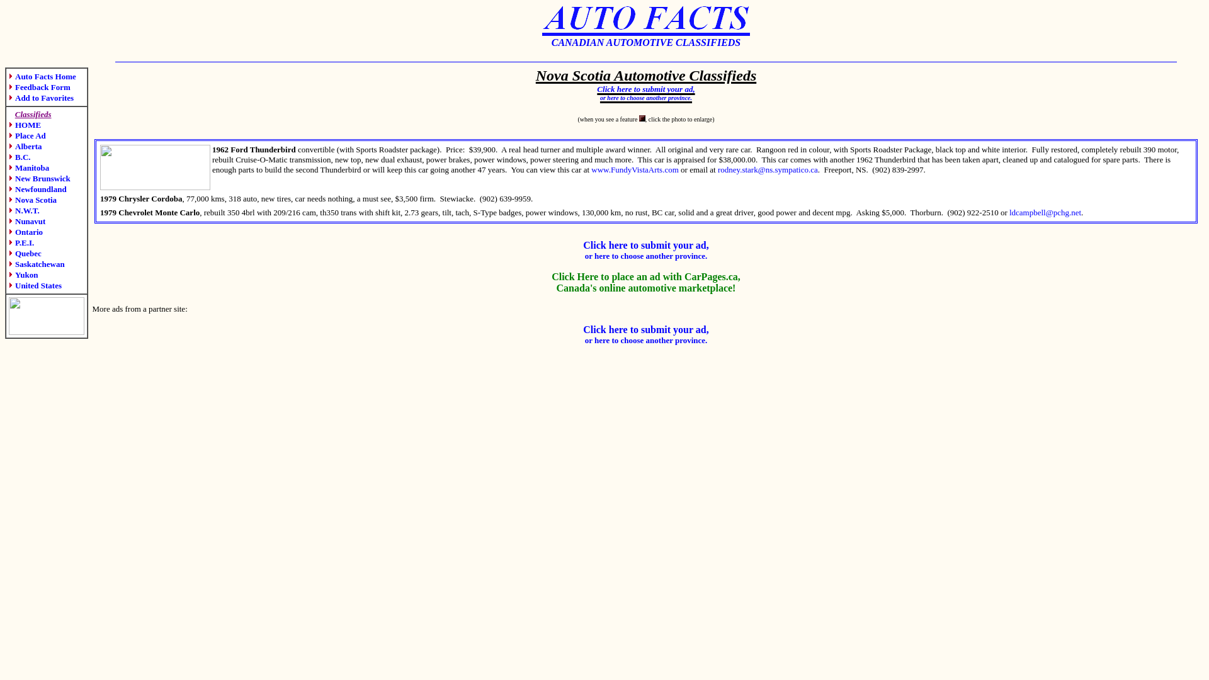 This screenshot has height=680, width=1209. Describe the element at coordinates (25, 125) in the screenshot. I see `'HOME'` at that location.